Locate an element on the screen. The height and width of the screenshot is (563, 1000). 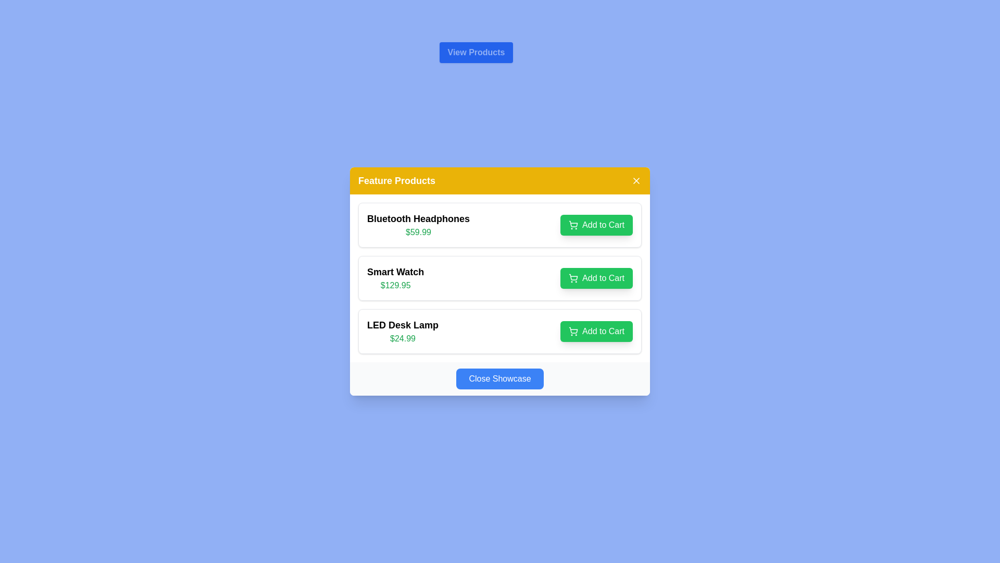
the shopping cart icon representing the 'Add to Cart' button for the second product, 'Smart Watch' is located at coordinates (573, 276).